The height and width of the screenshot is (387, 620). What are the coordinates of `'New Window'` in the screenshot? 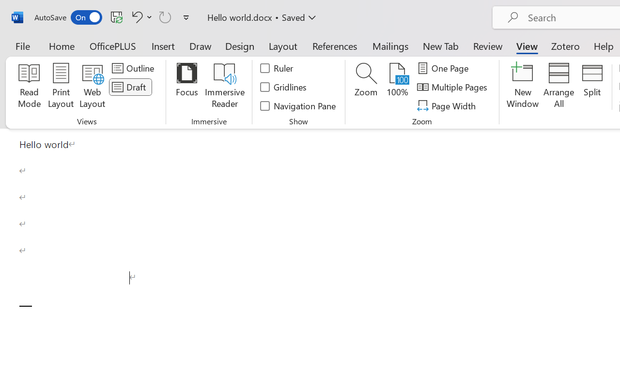 It's located at (522, 87).